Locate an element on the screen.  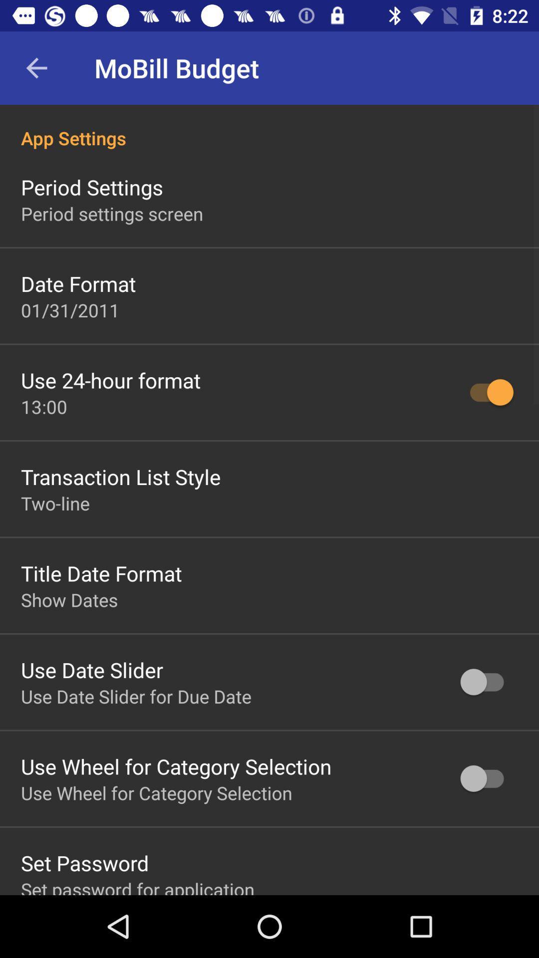
the 01/31/2011 is located at coordinates (70, 309).